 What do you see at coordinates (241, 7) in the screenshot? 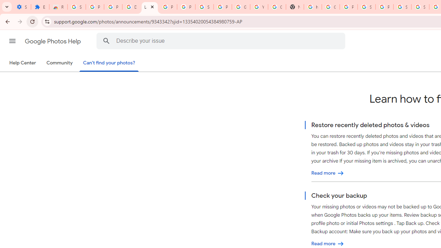
I see `'Google Account'` at bounding box center [241, 7].